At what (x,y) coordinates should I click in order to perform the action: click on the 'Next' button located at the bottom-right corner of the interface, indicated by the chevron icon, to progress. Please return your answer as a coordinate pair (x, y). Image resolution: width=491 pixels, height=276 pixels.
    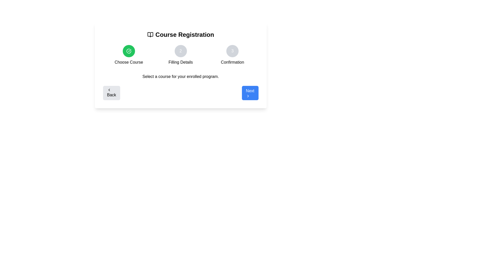
    Looking at the image, I should click on (248, 96).